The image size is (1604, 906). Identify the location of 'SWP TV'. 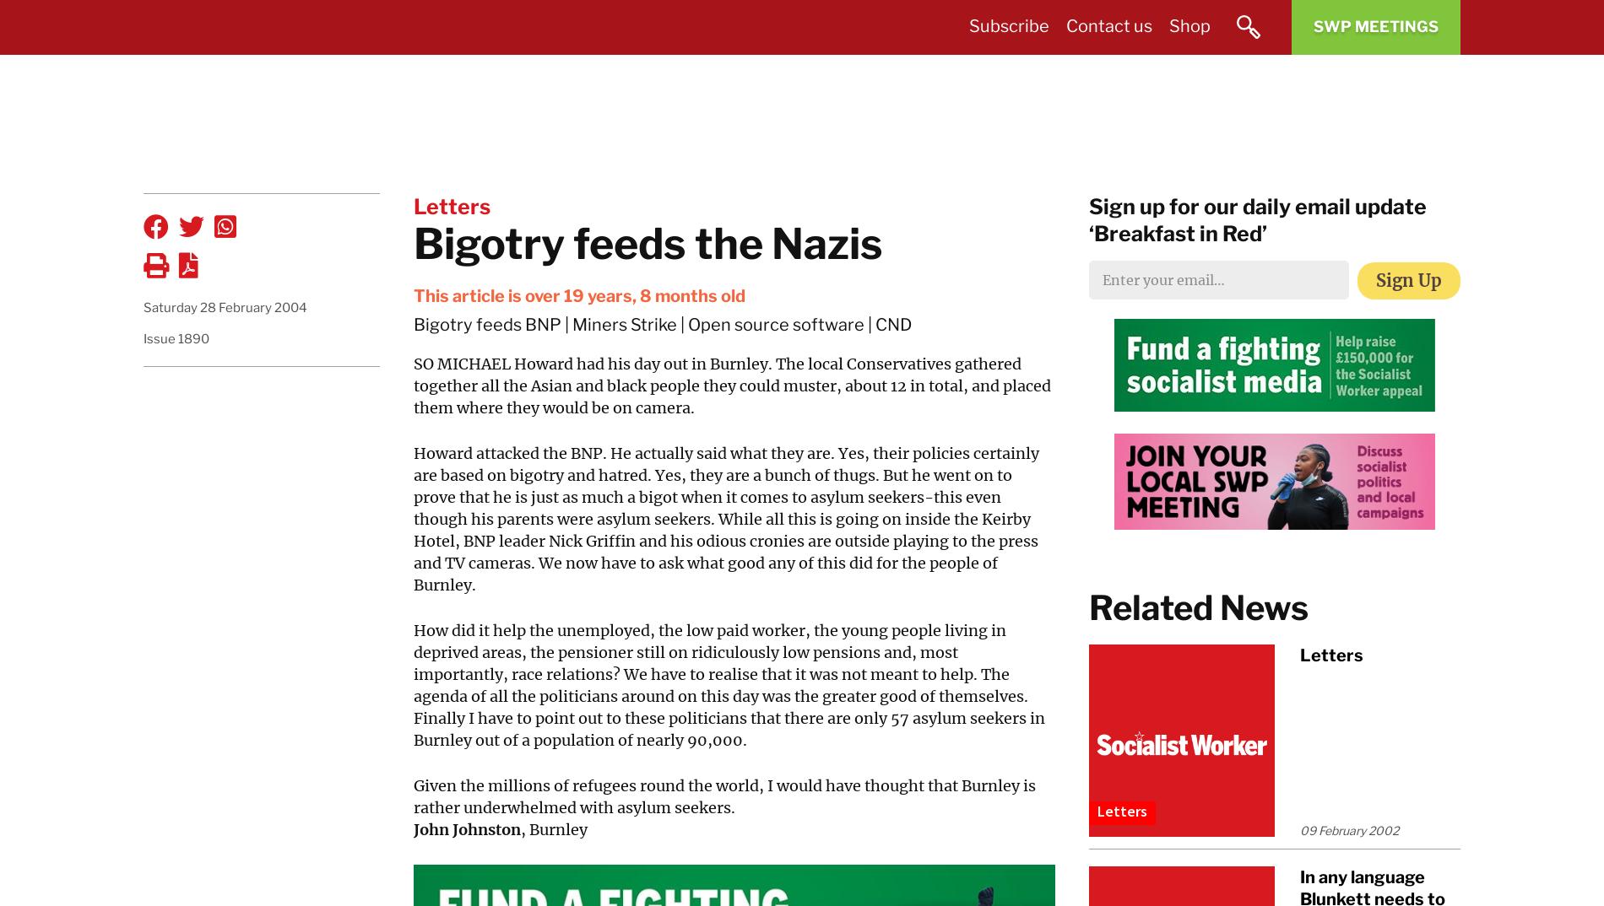
(1225, 65).